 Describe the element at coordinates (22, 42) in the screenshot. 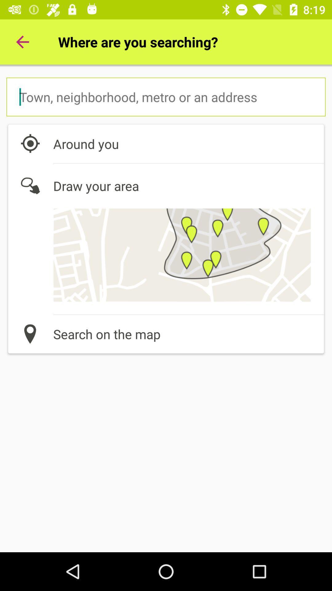

I see `item next to where are you item` at that location.